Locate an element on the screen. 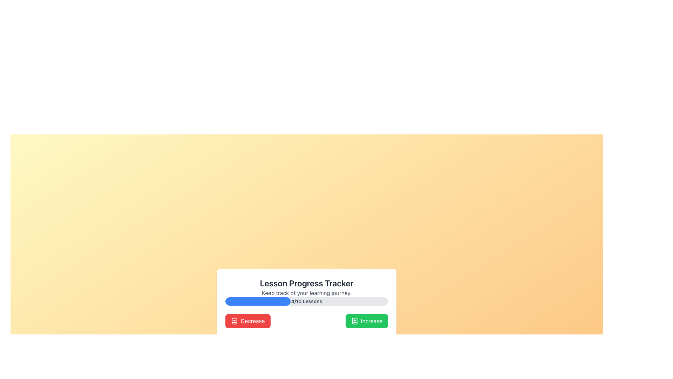 This screenshot has height=379, width=673. the increment button located to the right of the red 'Decrease' button to increase the associated value is located at coordinates (366, 321).